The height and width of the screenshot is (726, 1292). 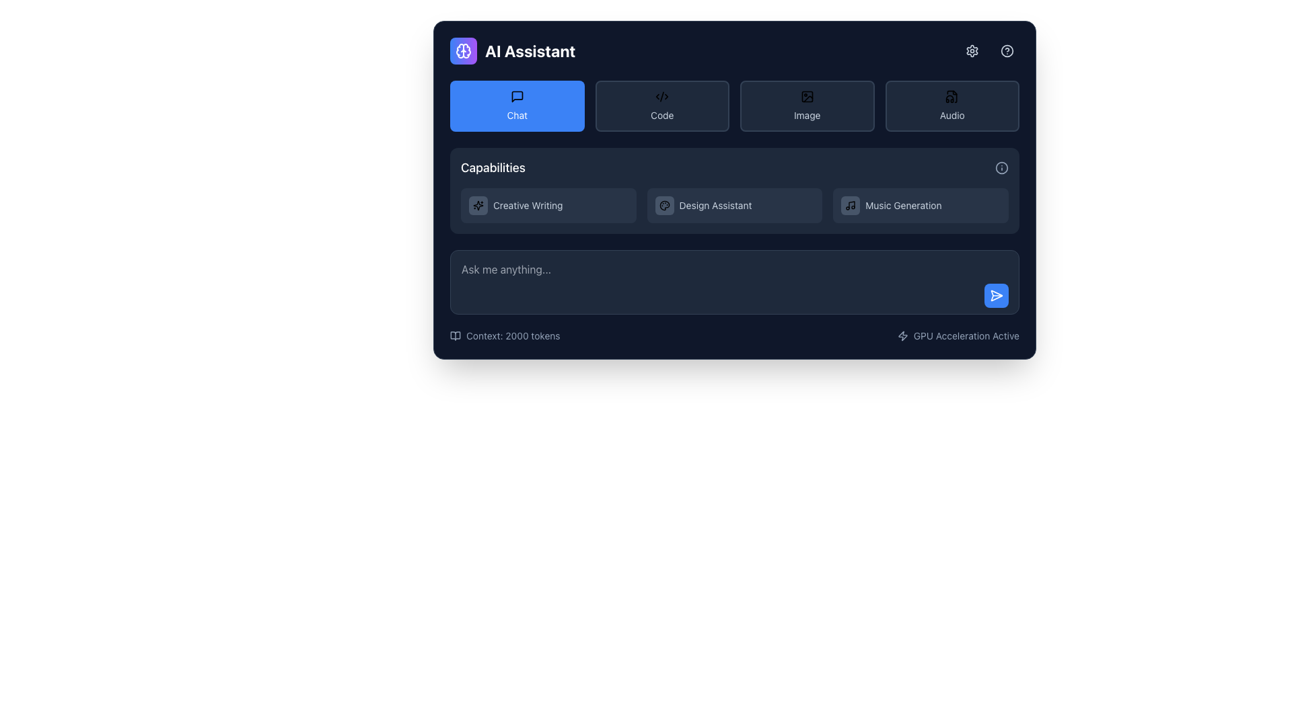 I want to click on the stylized image icon within the 'Image' button located in the dark-themed UI section, so click(x=807, y=95).